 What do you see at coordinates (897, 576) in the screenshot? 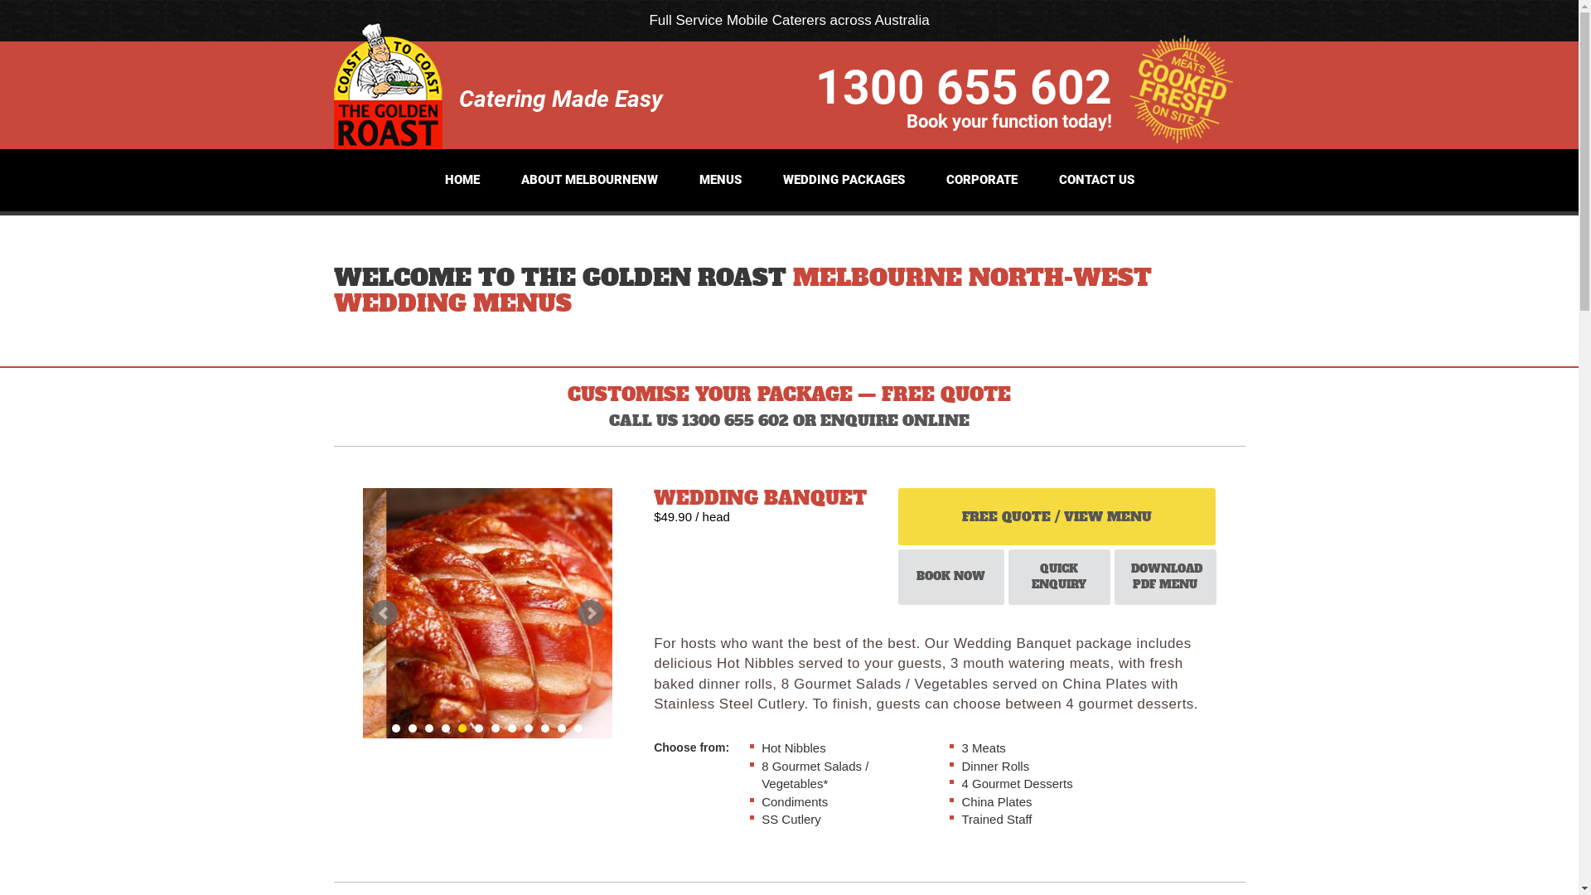
I see `'BOOK NOW'` at bounding box center [897, 576].